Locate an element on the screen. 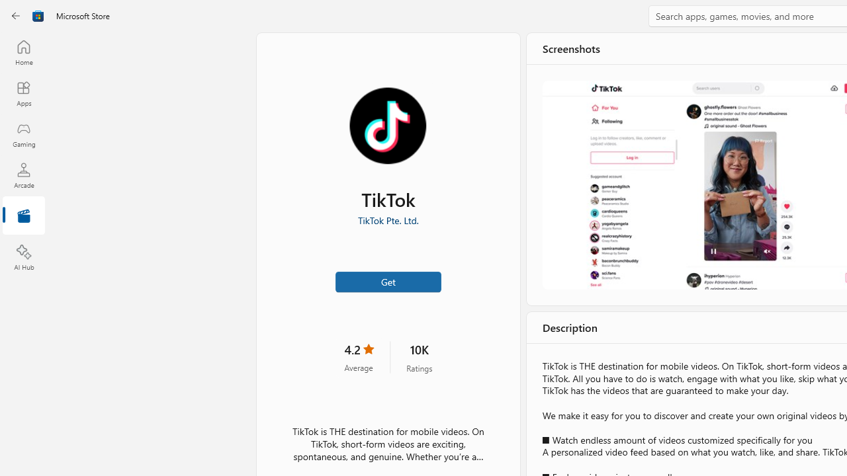 The height and width of the screenshot is (476, 847). 'Entertainment' is located at coordinates (23, 216).